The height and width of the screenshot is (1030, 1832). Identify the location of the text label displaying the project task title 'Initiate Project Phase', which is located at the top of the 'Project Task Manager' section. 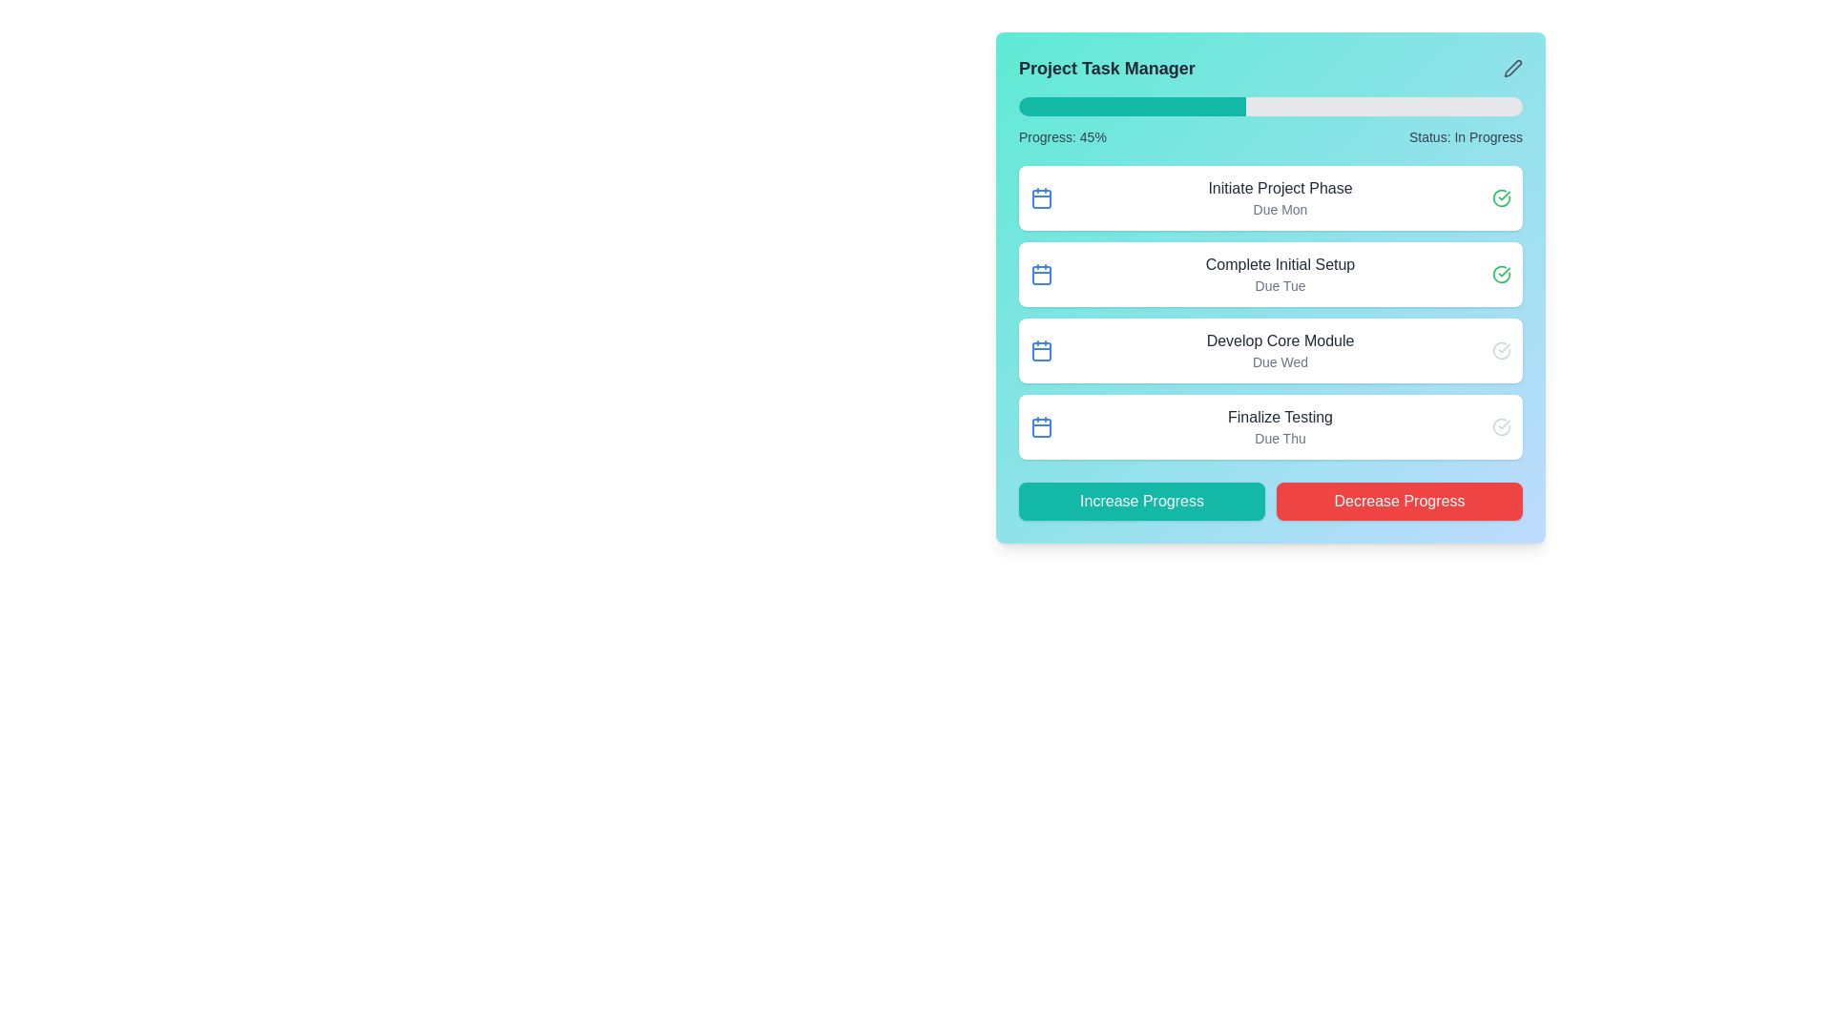
(1280, 188).